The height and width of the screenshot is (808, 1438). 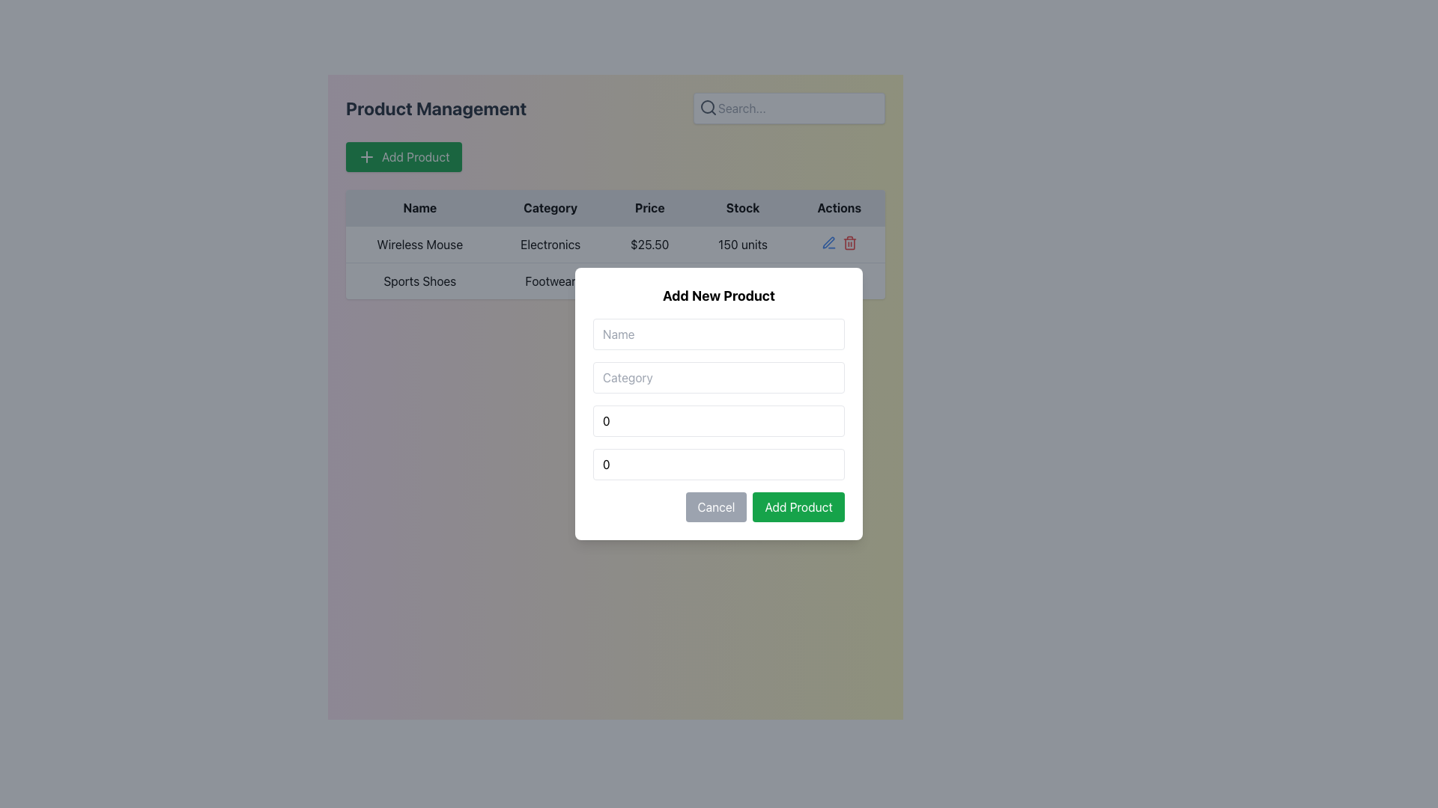 What do you see at coordinates (849, 242) in the screenshot?
I see `the delete button for the 'Wireless Mouse' product` at bounding box center [849, 242].